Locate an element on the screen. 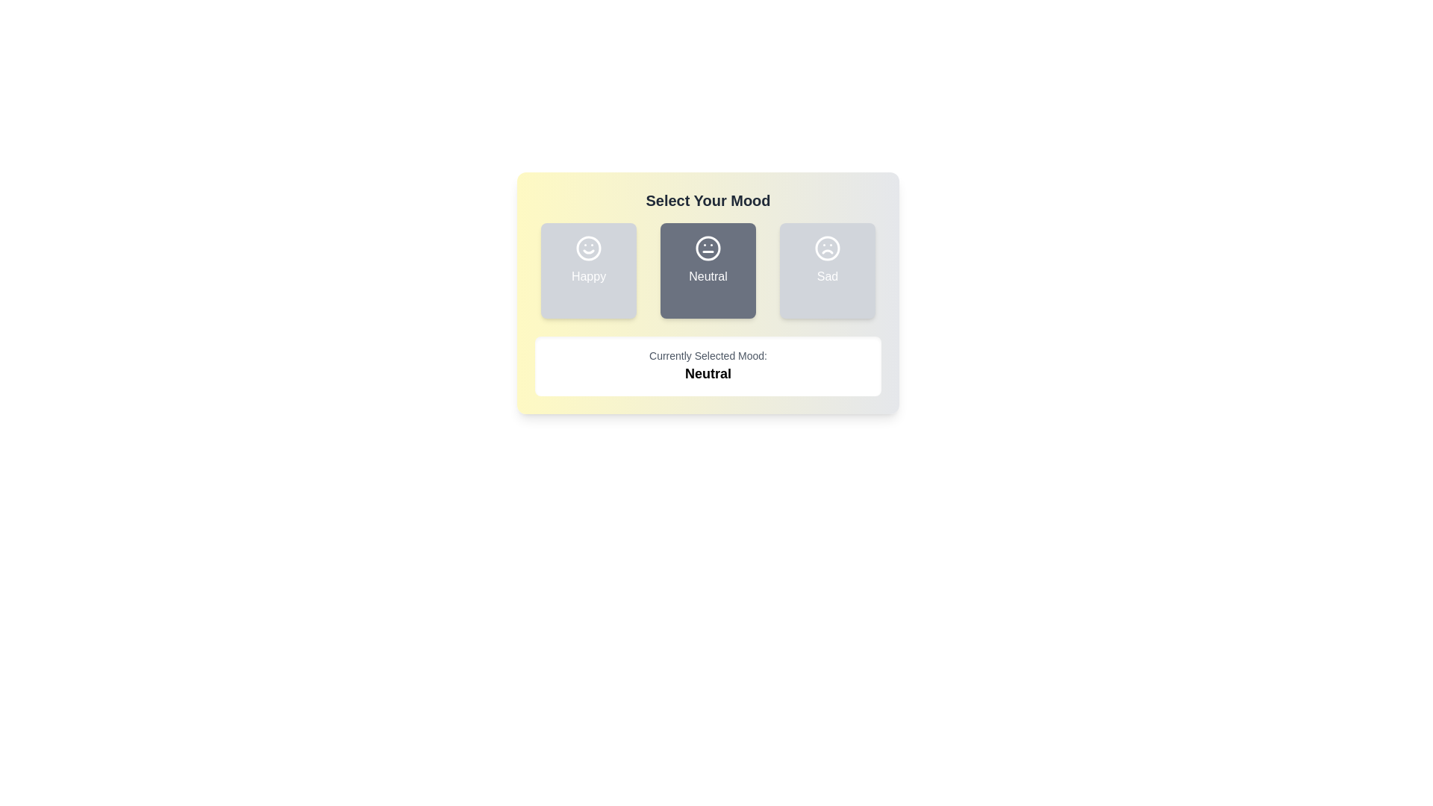  the mood button corresponding to Sad to observe the visual change is located at coordinates (826, 270).